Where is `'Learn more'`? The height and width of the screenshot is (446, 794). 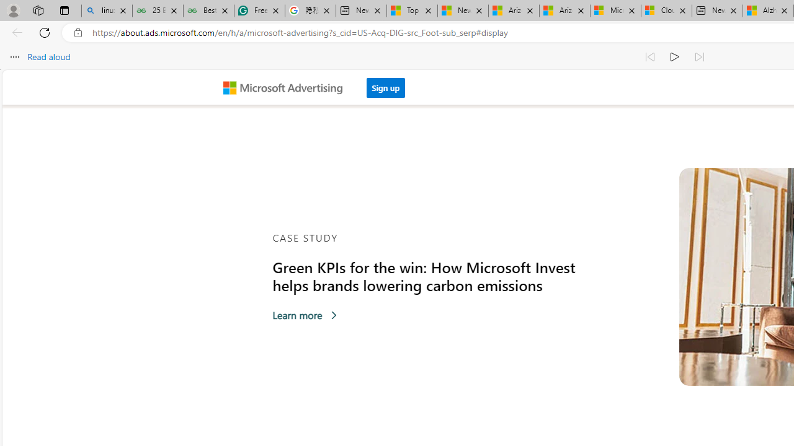
'Learn more' is located at coordinates (305, 315).